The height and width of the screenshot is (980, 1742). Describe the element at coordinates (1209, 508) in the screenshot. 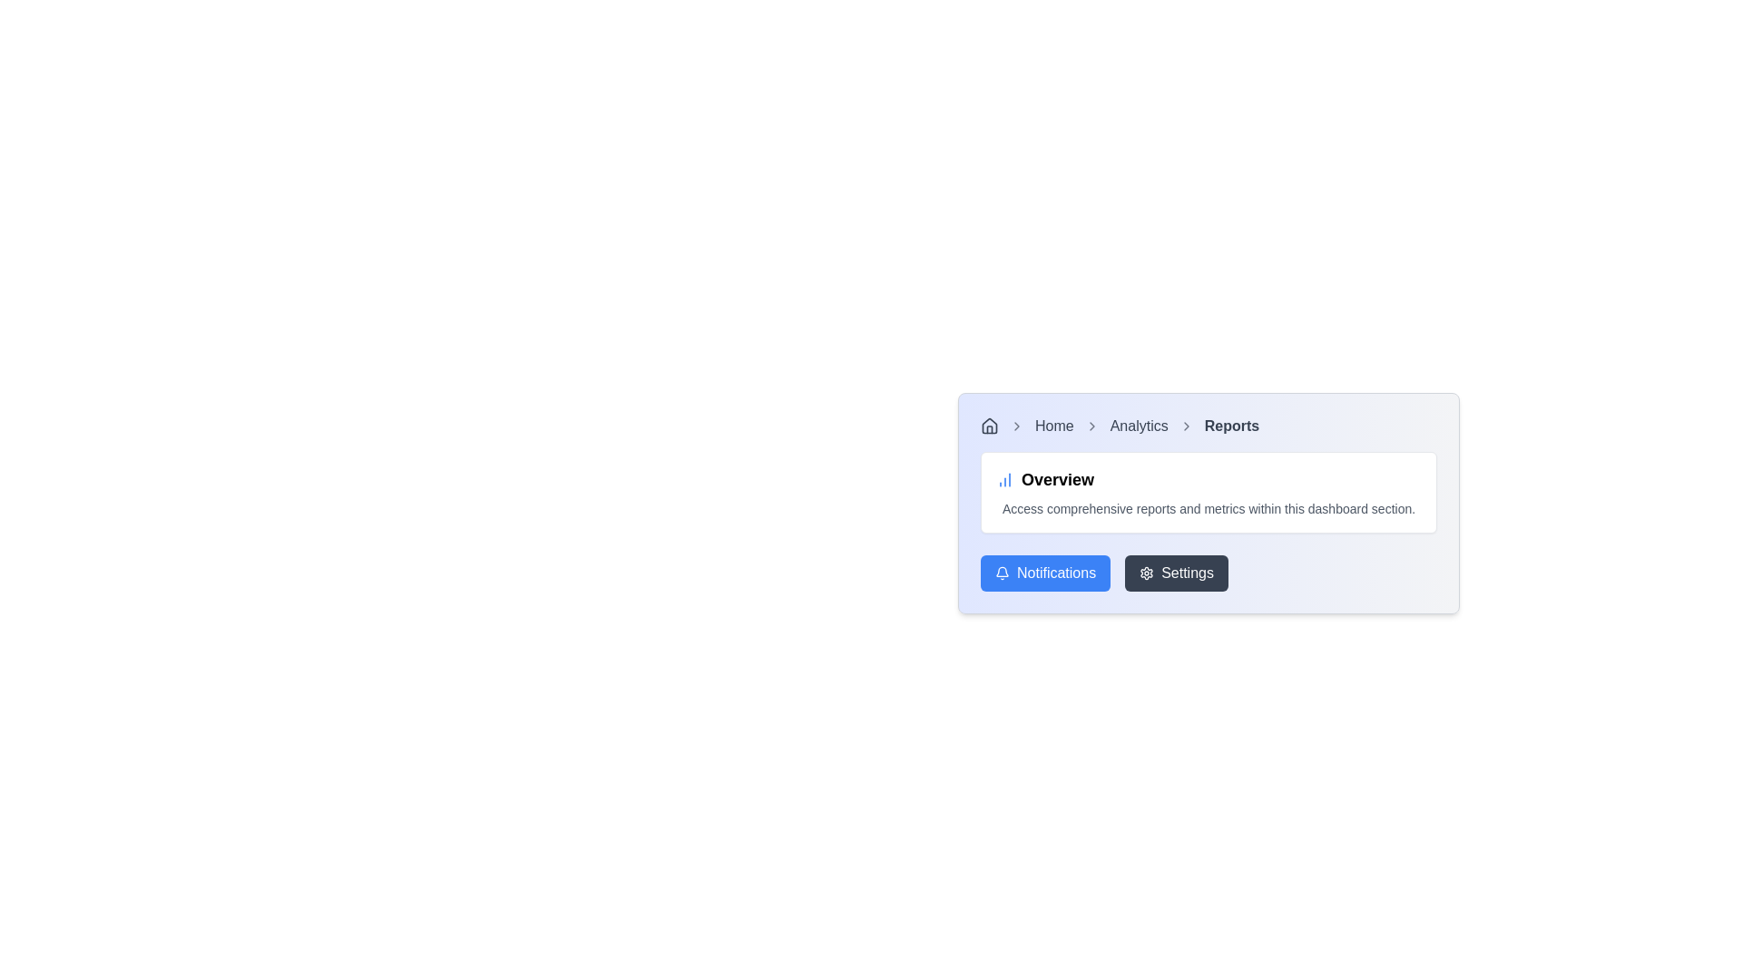

I see `the text block that describes the dashboard's functionality, which contains the text: 'Access comprehensive reports and metrics within this dashboard section.' This text is located within the 'Overview' section of an informational card layout` at that location.